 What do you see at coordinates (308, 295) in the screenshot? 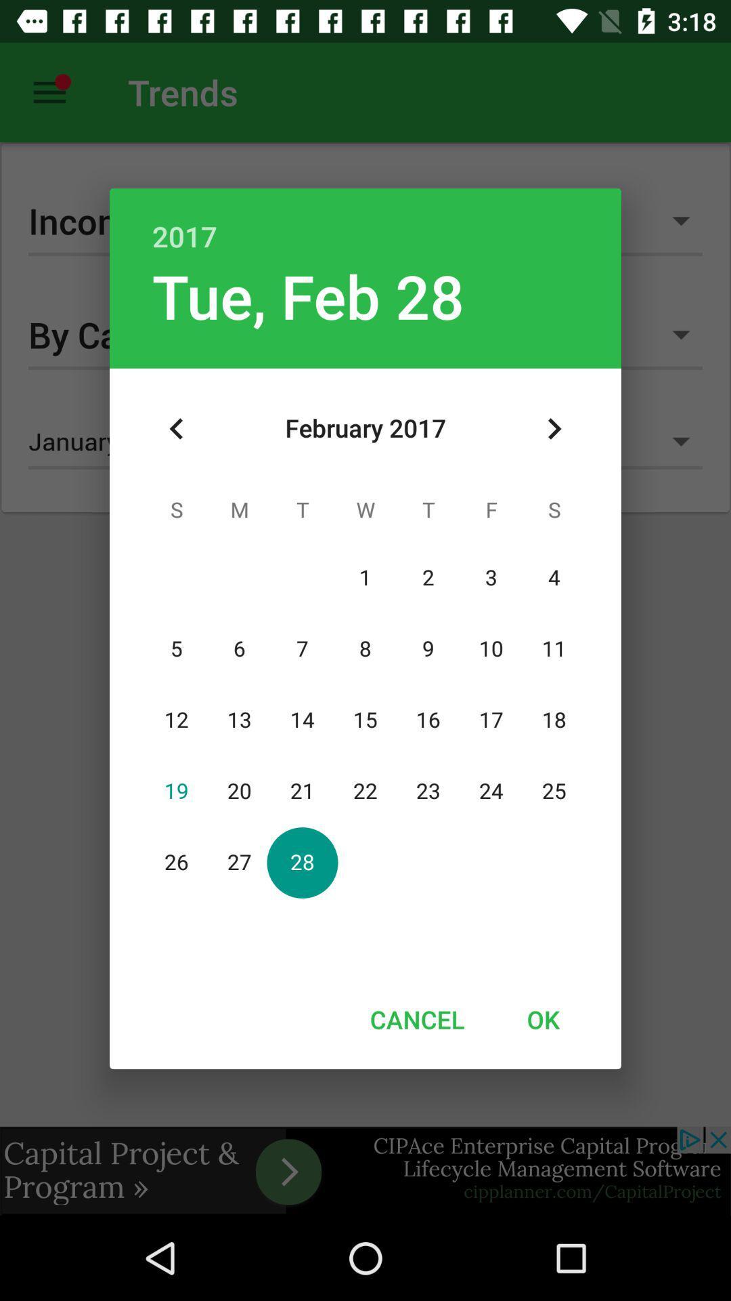
I see `the tue, feb 28` at bounding box center [308, 295].